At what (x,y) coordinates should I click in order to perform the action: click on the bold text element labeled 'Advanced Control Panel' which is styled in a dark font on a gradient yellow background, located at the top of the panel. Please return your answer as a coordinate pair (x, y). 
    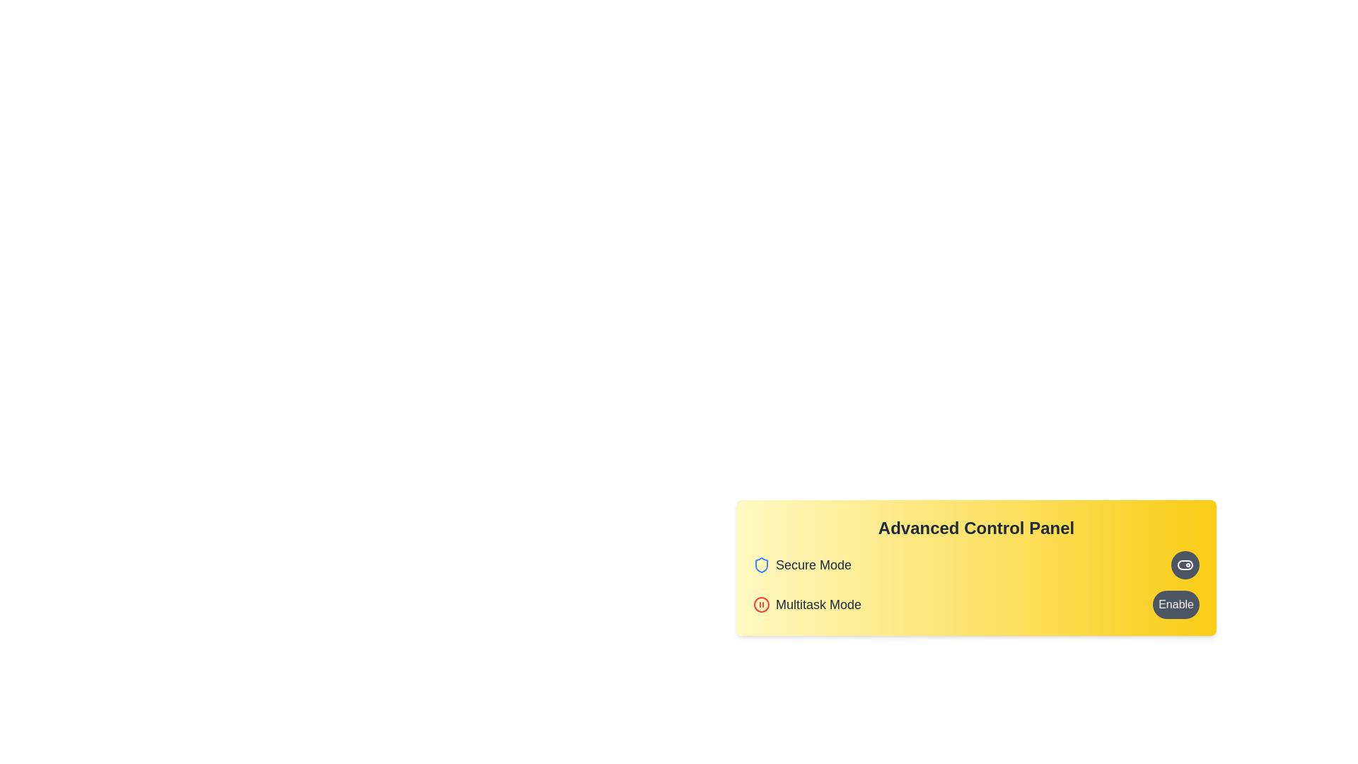
    Looking at the image, I should click on (975, 528).